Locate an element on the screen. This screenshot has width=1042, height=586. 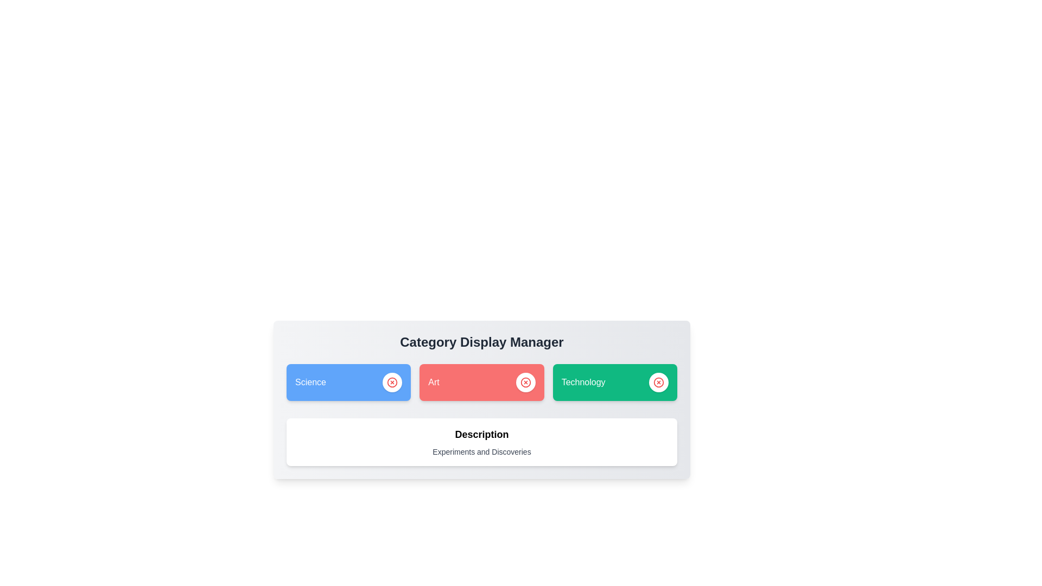
the delete button for the category Art is located at coordinates (525, 382).